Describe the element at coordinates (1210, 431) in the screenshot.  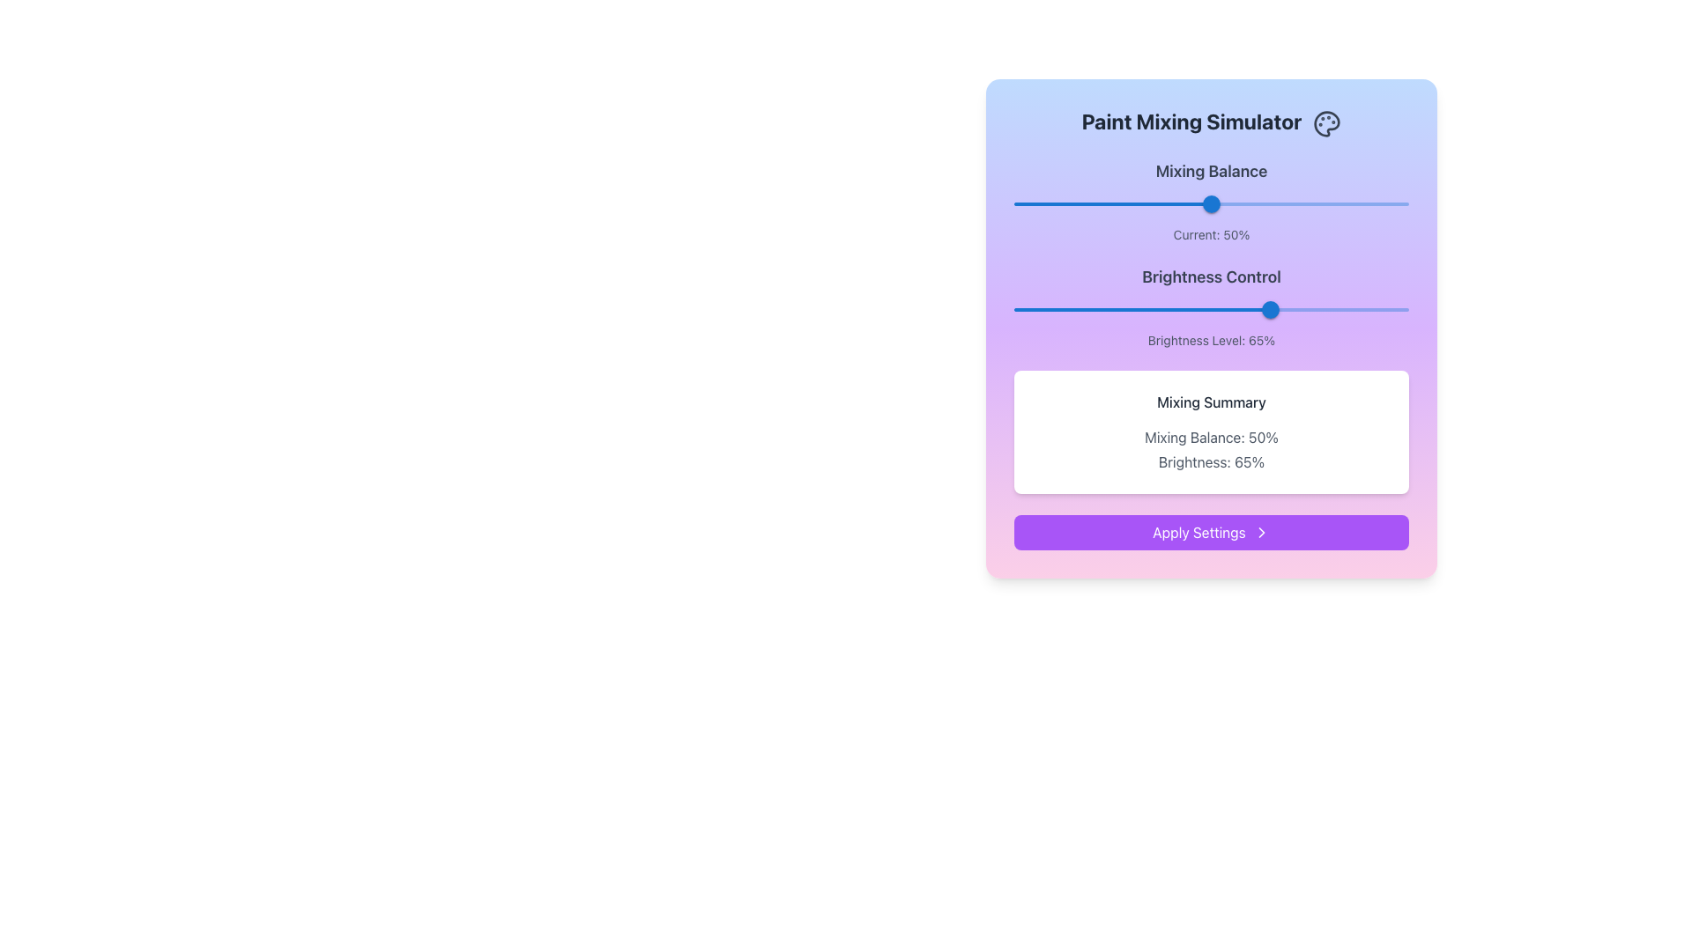
I see `the informational display box titled 'Mixing Summary', which features a white background with rounded corners and contains text about mixing balance and brightness` at that location.